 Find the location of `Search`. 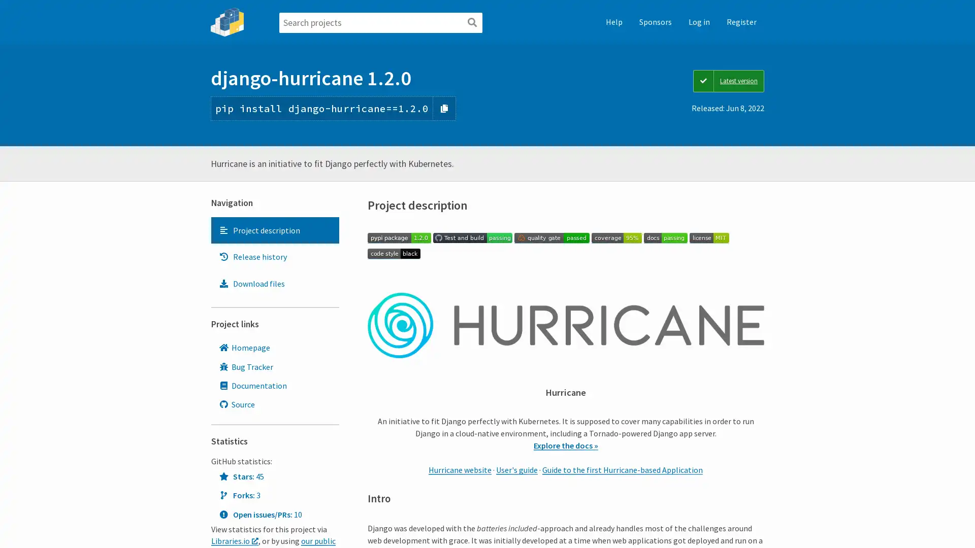

Search is located at coordinates (472, 23).